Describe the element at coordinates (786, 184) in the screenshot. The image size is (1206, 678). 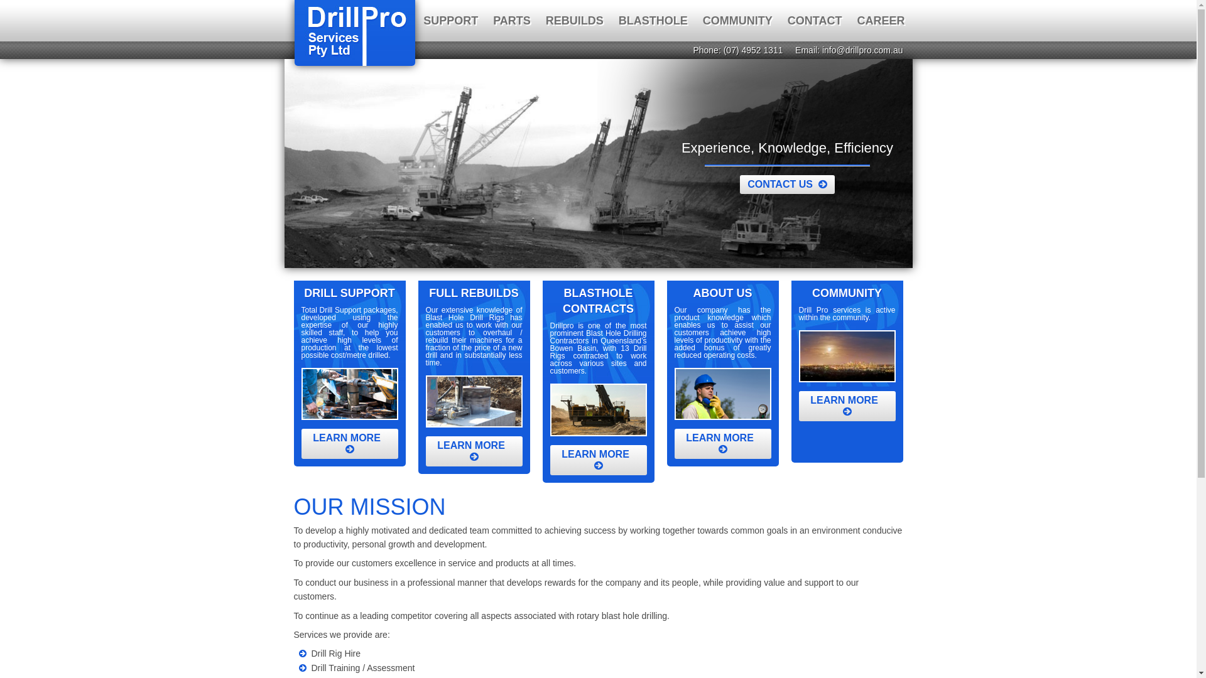
I see `'CONTACT US  '` at that location.